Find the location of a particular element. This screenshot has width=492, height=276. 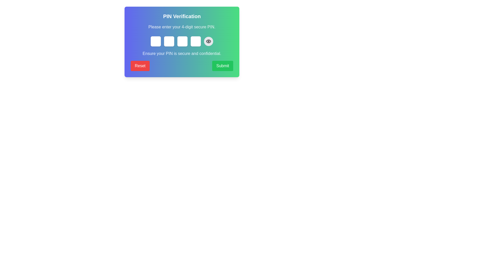

the reset button located at the bottom-left of the panel is located at coordinates (140, 66).